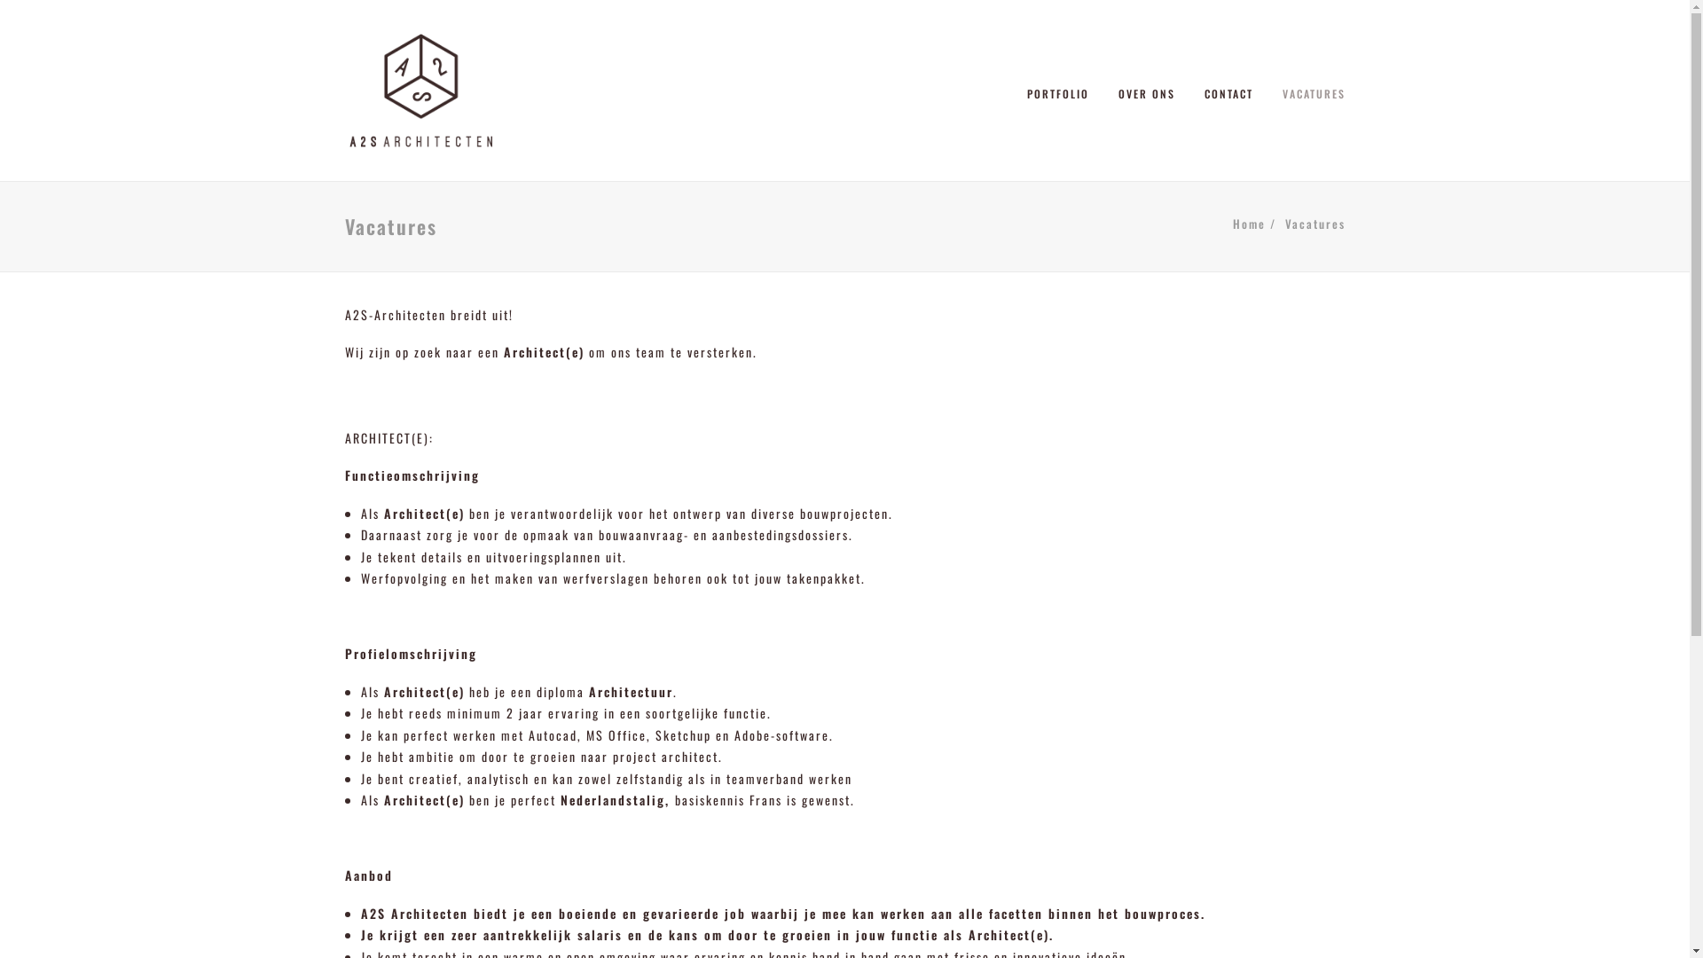  I want to click on 'VACATURES', so click(1307, 90).